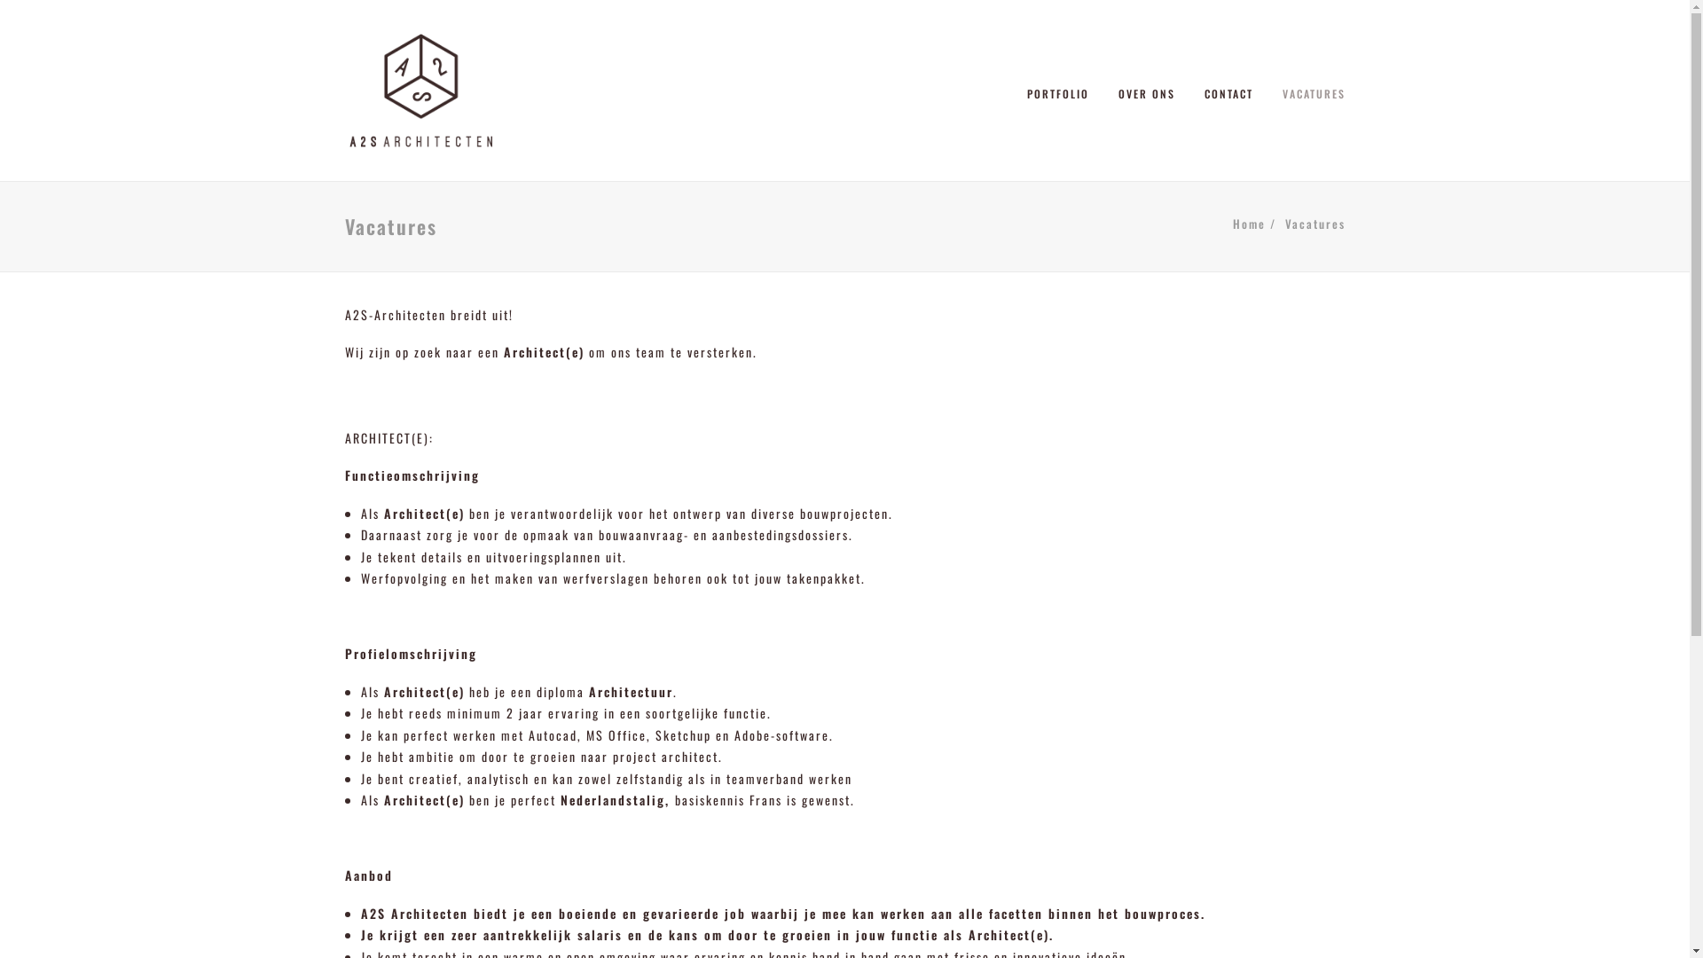  I want to click on 'VACATURES', so click(1307, 90).